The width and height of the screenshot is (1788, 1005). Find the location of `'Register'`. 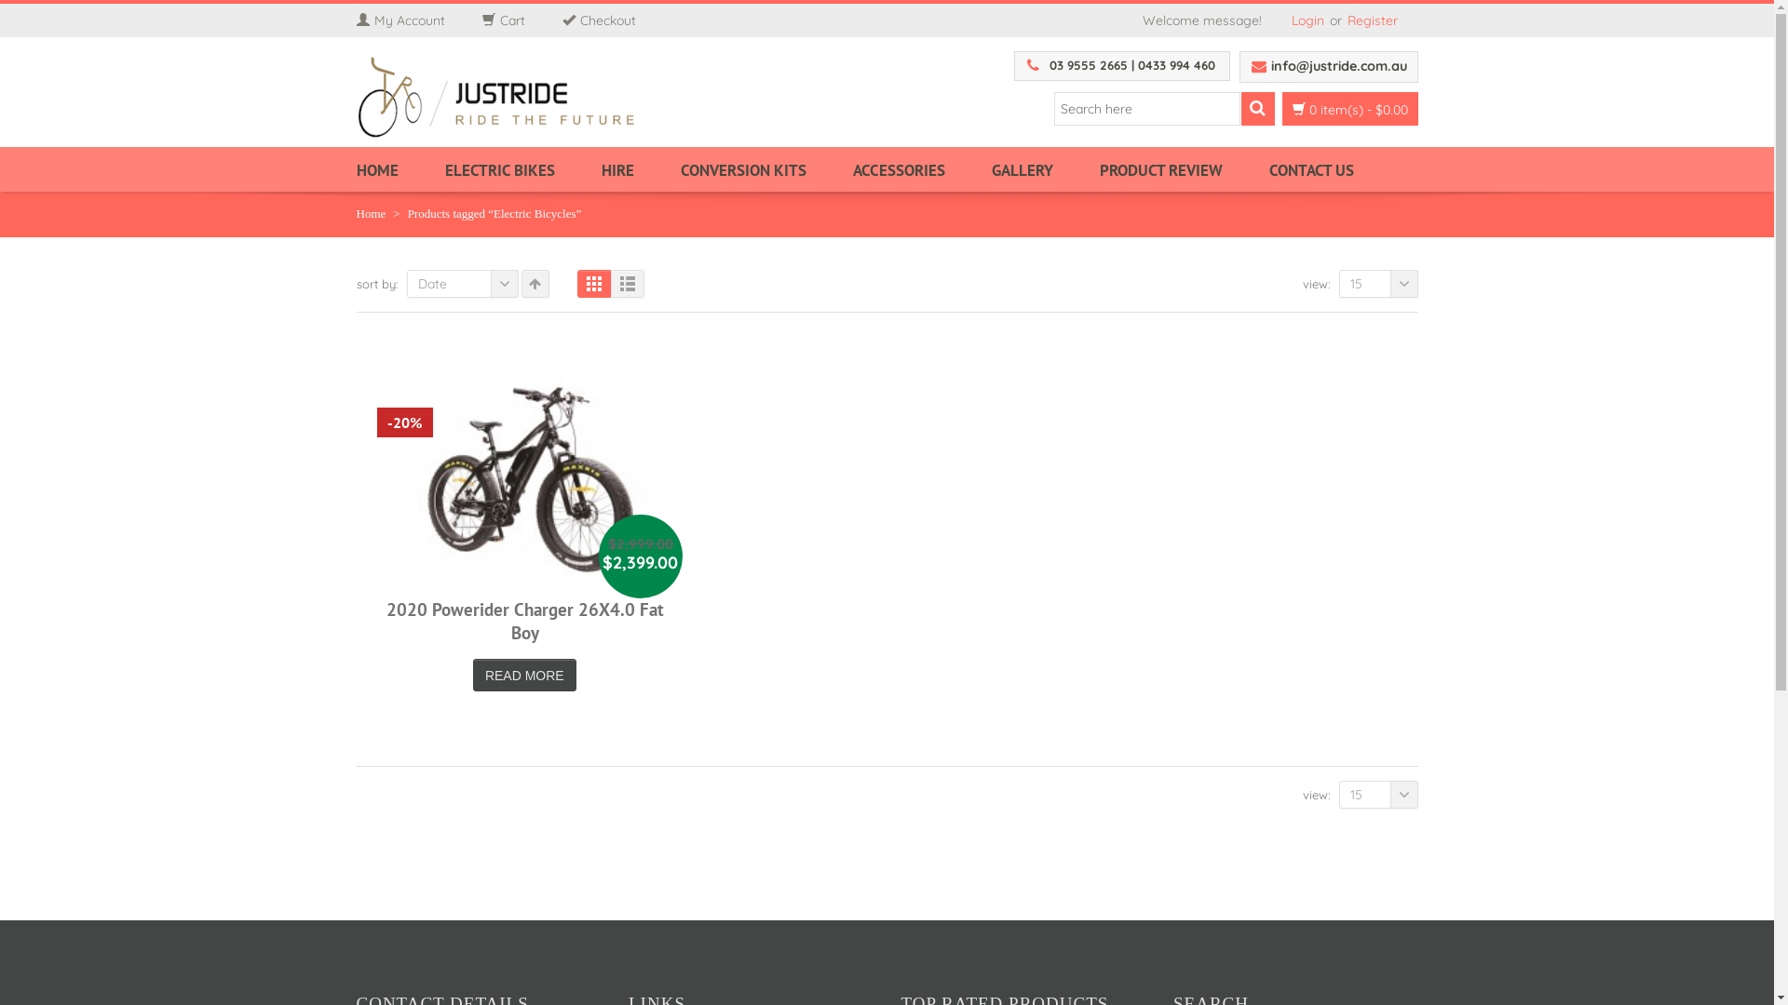

'Register' is located at coordinates (1345, 20).